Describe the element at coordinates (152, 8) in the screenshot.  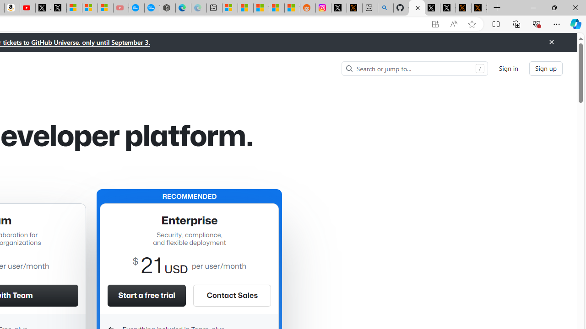
I see `'The most popular Google '` at that location.